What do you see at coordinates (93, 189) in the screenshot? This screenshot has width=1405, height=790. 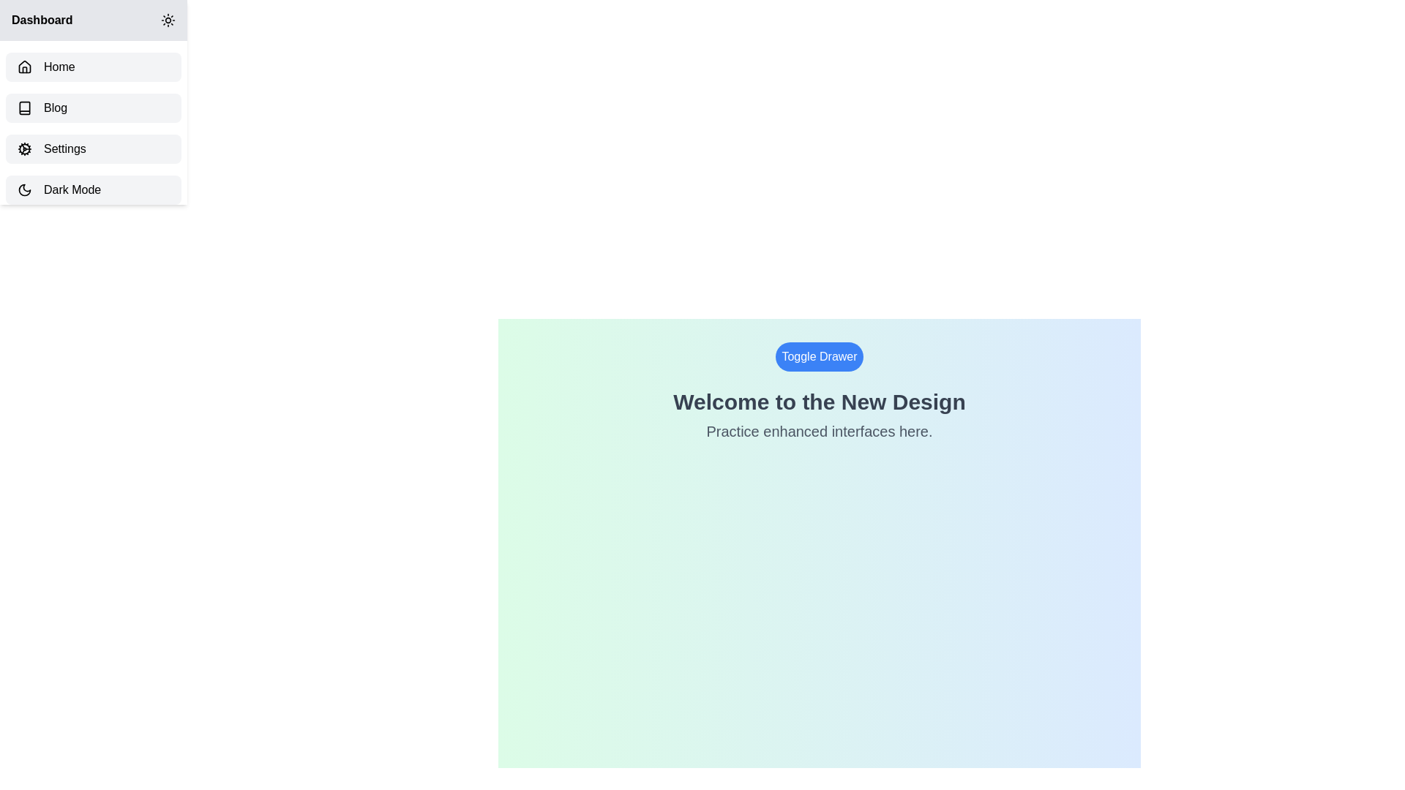 I see `the sidebar item labeled Dark Mode to navigate` at bounding box center [93, 189].